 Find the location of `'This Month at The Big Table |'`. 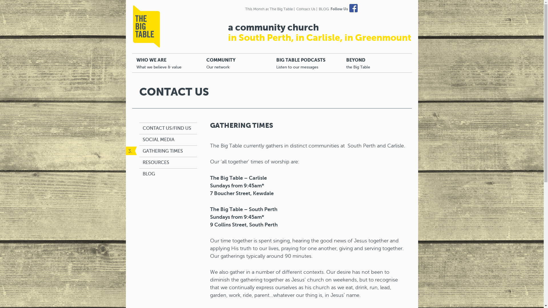

'This Month at The Big Table |' is located at coordinates (269, 9).